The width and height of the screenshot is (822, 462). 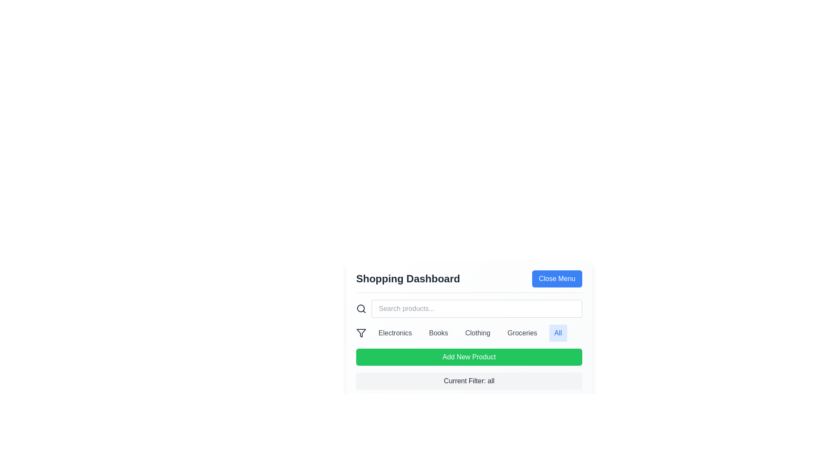 I want to click on the funnel-shaped filter icon located in the navigation options of the dashboard interface, so click(x=361, y=333).